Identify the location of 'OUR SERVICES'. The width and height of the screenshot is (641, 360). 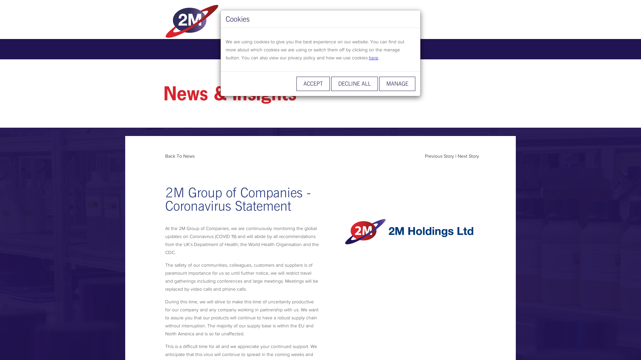
(281, 49).